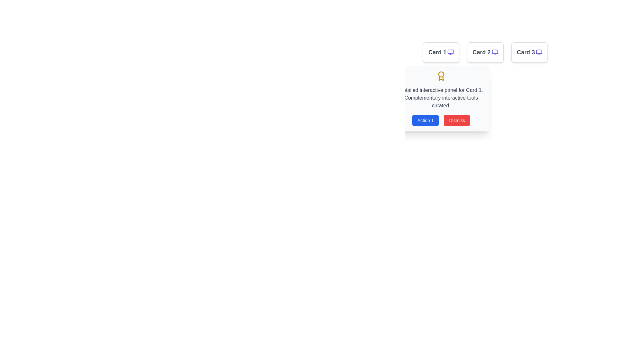 Image resolution: width=618 pixels, height=347 pixels. What do you see at coordinates (457, 120) in the screenshot?
I see `the 'Dismiss' button, which is a rectangular button with rounded corners, featuring a red background and white text. It is located towards the bottom right of the interface, following the 'Action 1' button` at bounding box center [457, 120].